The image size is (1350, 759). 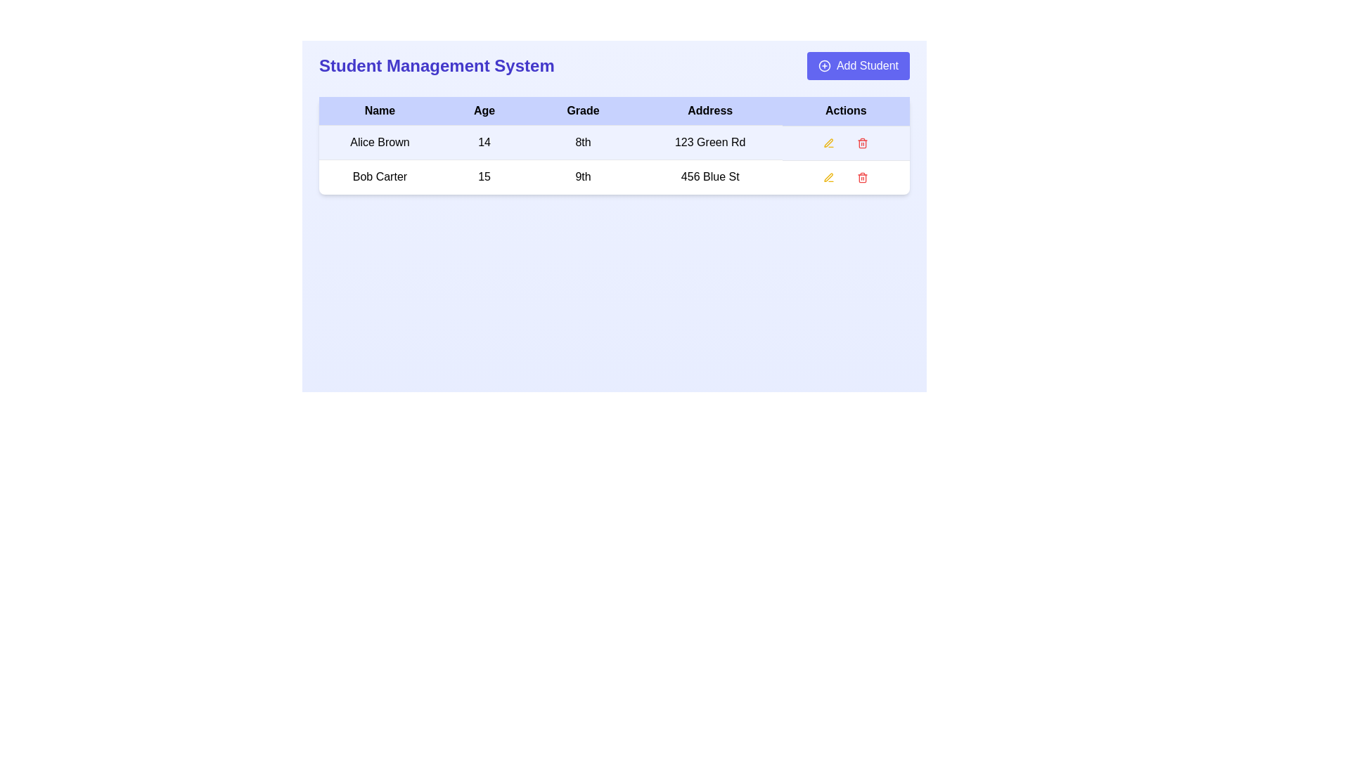 I want to click on the 'Actions' column header in the table, which is the last header positioned to the right of the 'Address' header, so click(x=845, y=110).